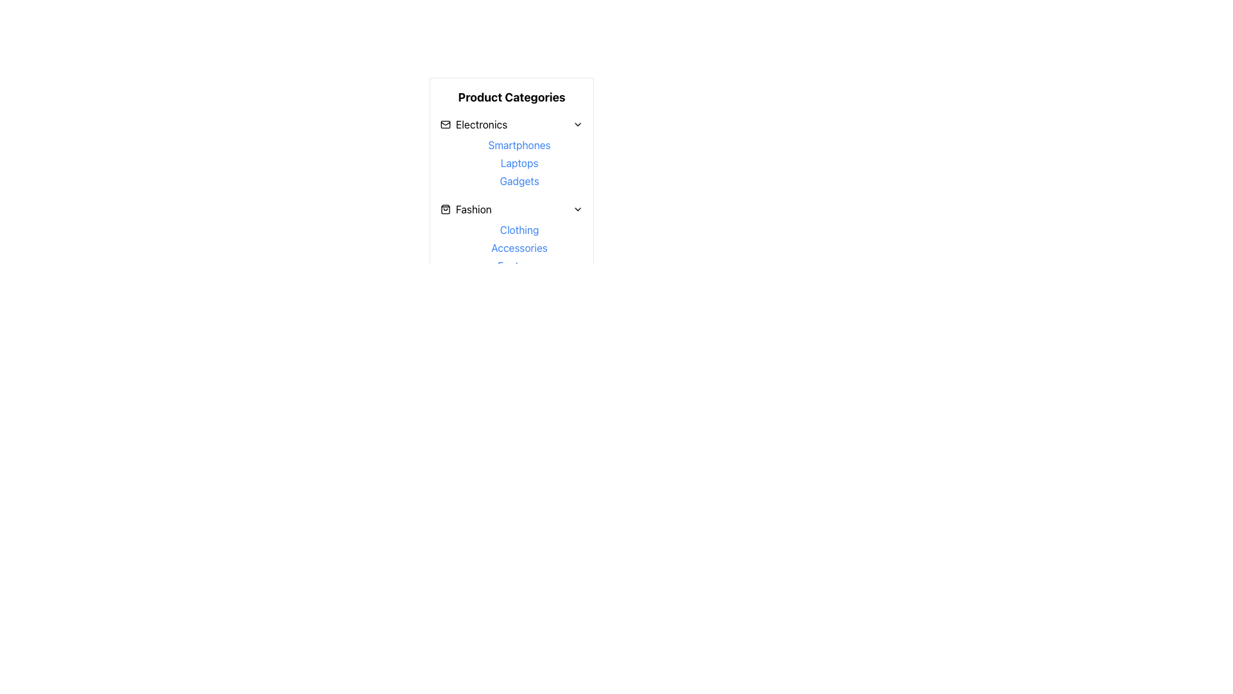 Image resolution: width=1233 pixels, height=694 pixels. Describe the element at coordinates (511, 209) in the screenshot. I see `the 'Fashion' dropdown menu button located within the 'Product Categories' section` at that location.